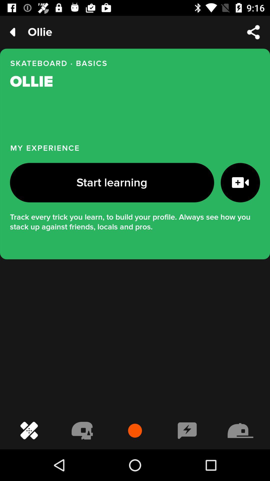  I want to click on the arrow_backward icon, so click(12, 32).